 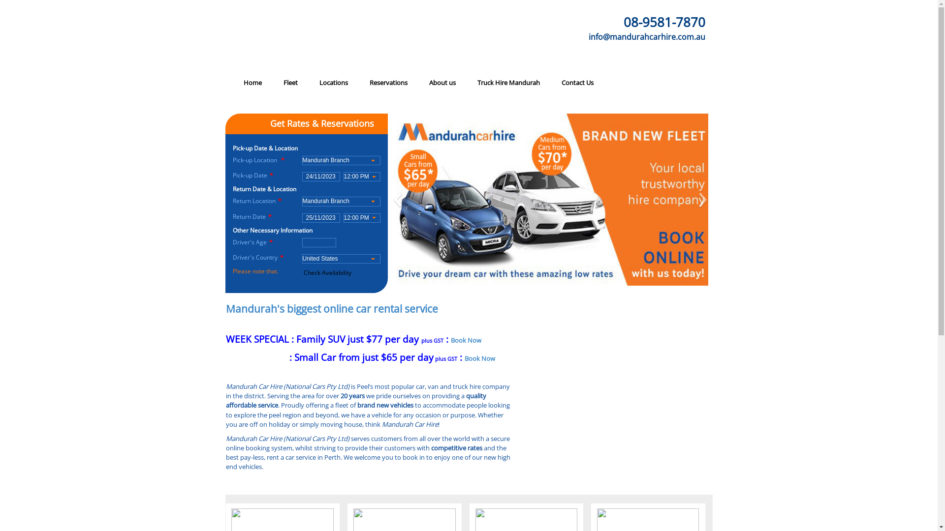 I want to click on 'Check Availability', so click(x=327, y=272).